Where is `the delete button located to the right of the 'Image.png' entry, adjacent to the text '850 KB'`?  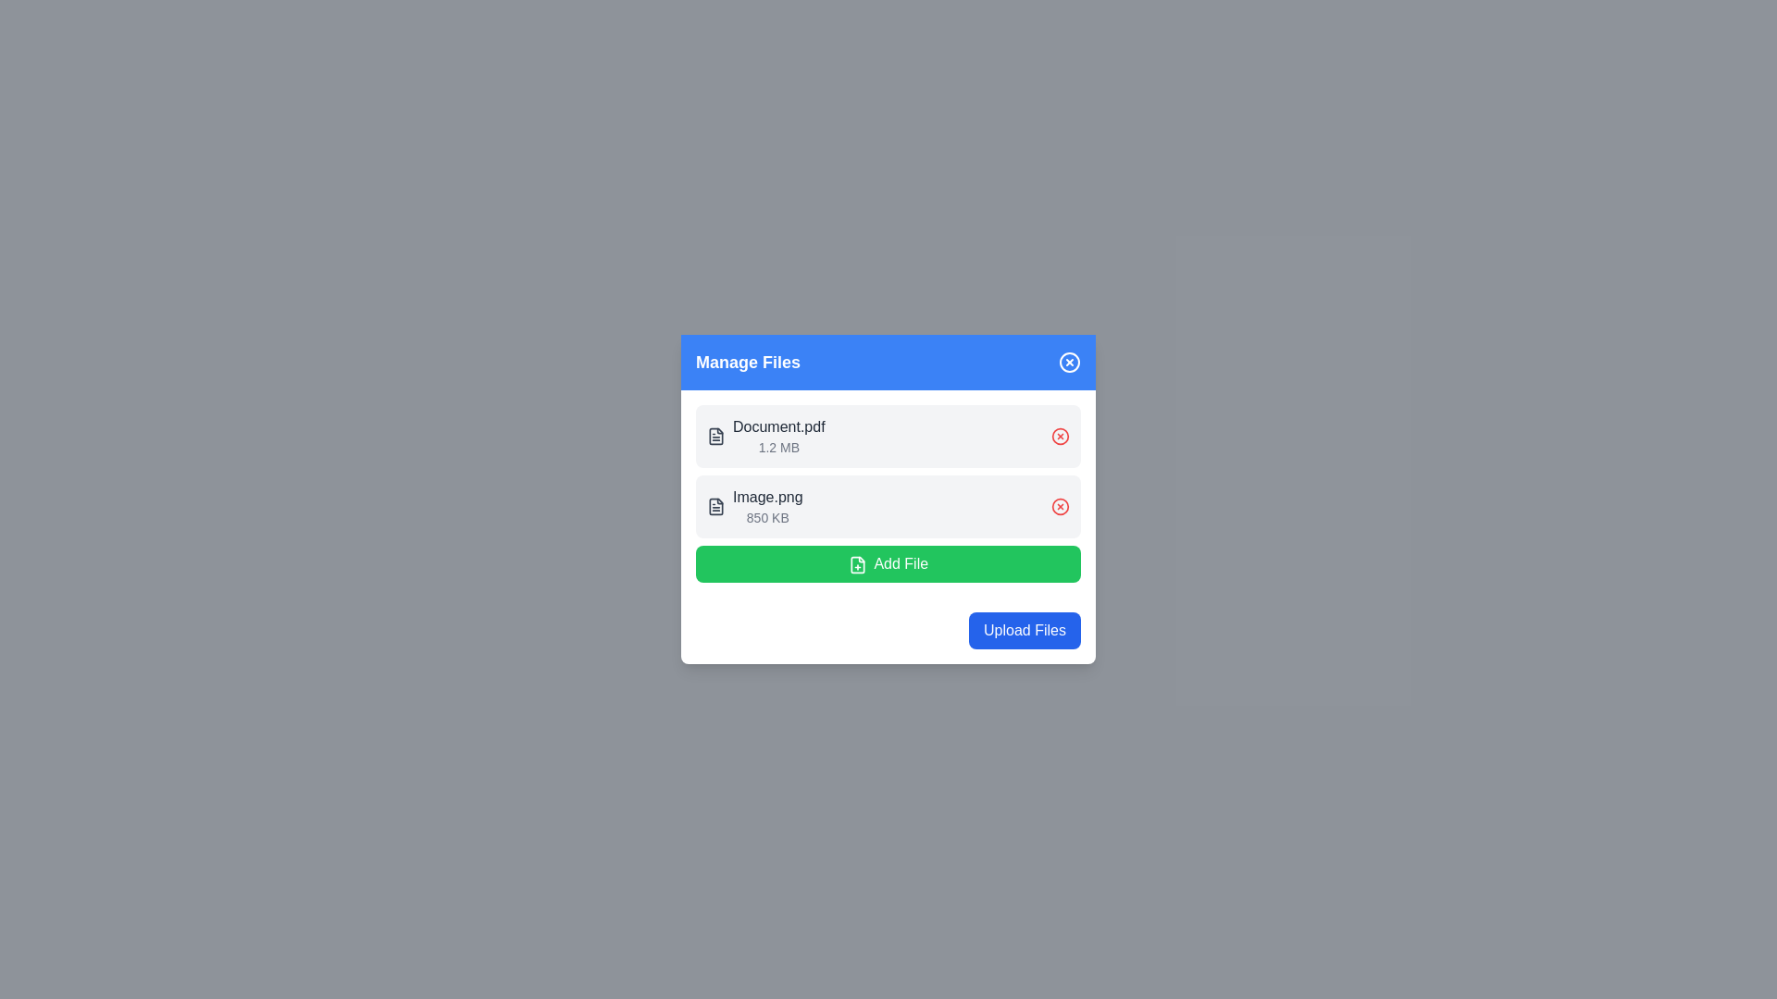 the delete button located to the right of the 'Image.png' entry, adjacent to the text '850 KB' is located at coordinates (1061, 506).